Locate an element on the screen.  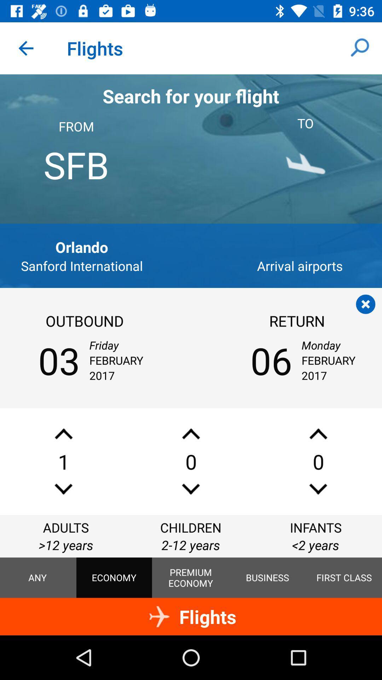
lower your number of infant passengers is located at coordinates (318, 489).